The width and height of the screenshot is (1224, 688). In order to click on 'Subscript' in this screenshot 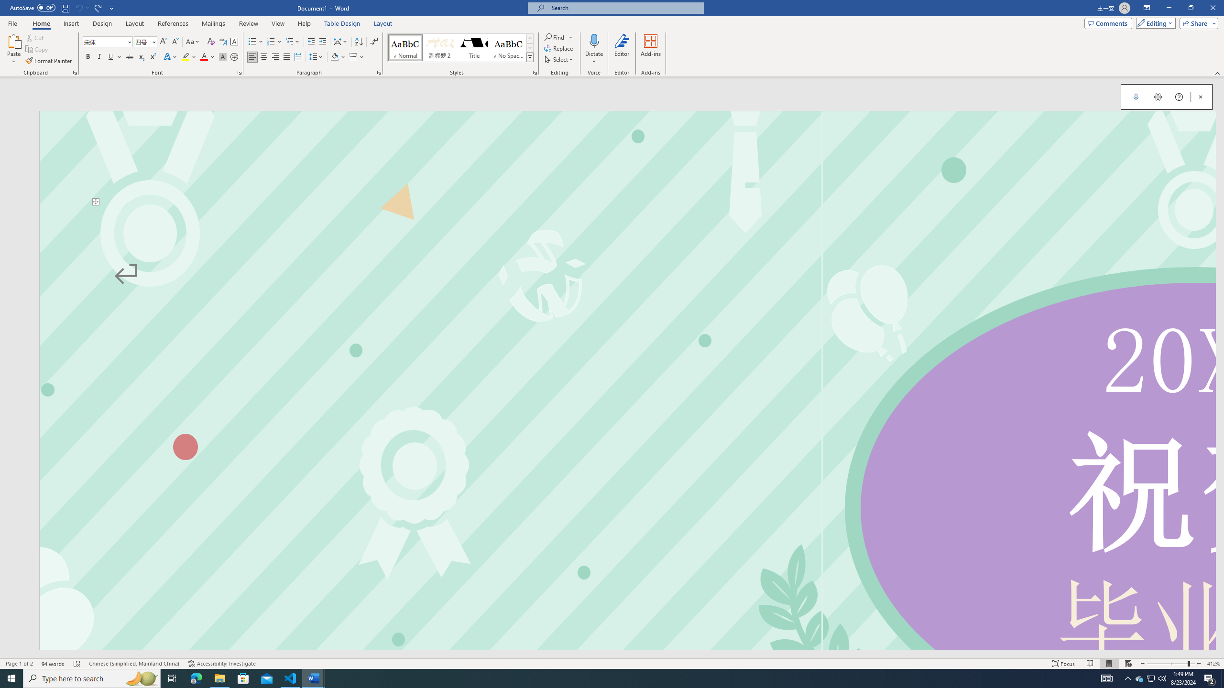, I will do `click(141, 56)`.